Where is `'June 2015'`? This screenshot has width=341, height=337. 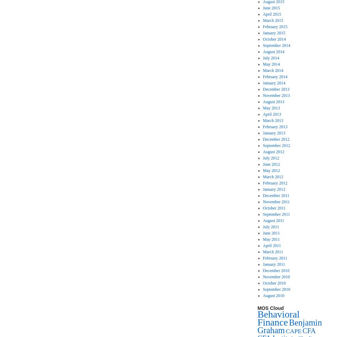
'June 2015' is located at coordinates (262, 8).